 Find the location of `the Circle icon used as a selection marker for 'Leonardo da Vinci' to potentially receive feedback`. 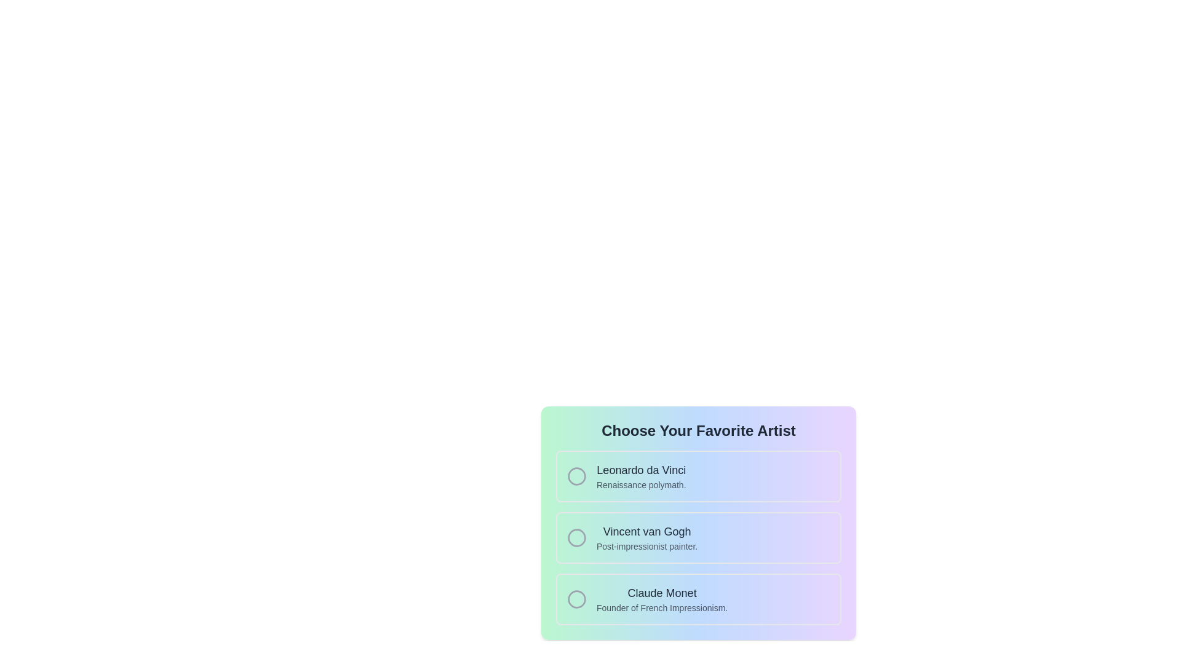

the Circle icon used as a selection marker for 'Leonardo da Vinci' to potentially receive feedback is located at coordinates (576, 476).